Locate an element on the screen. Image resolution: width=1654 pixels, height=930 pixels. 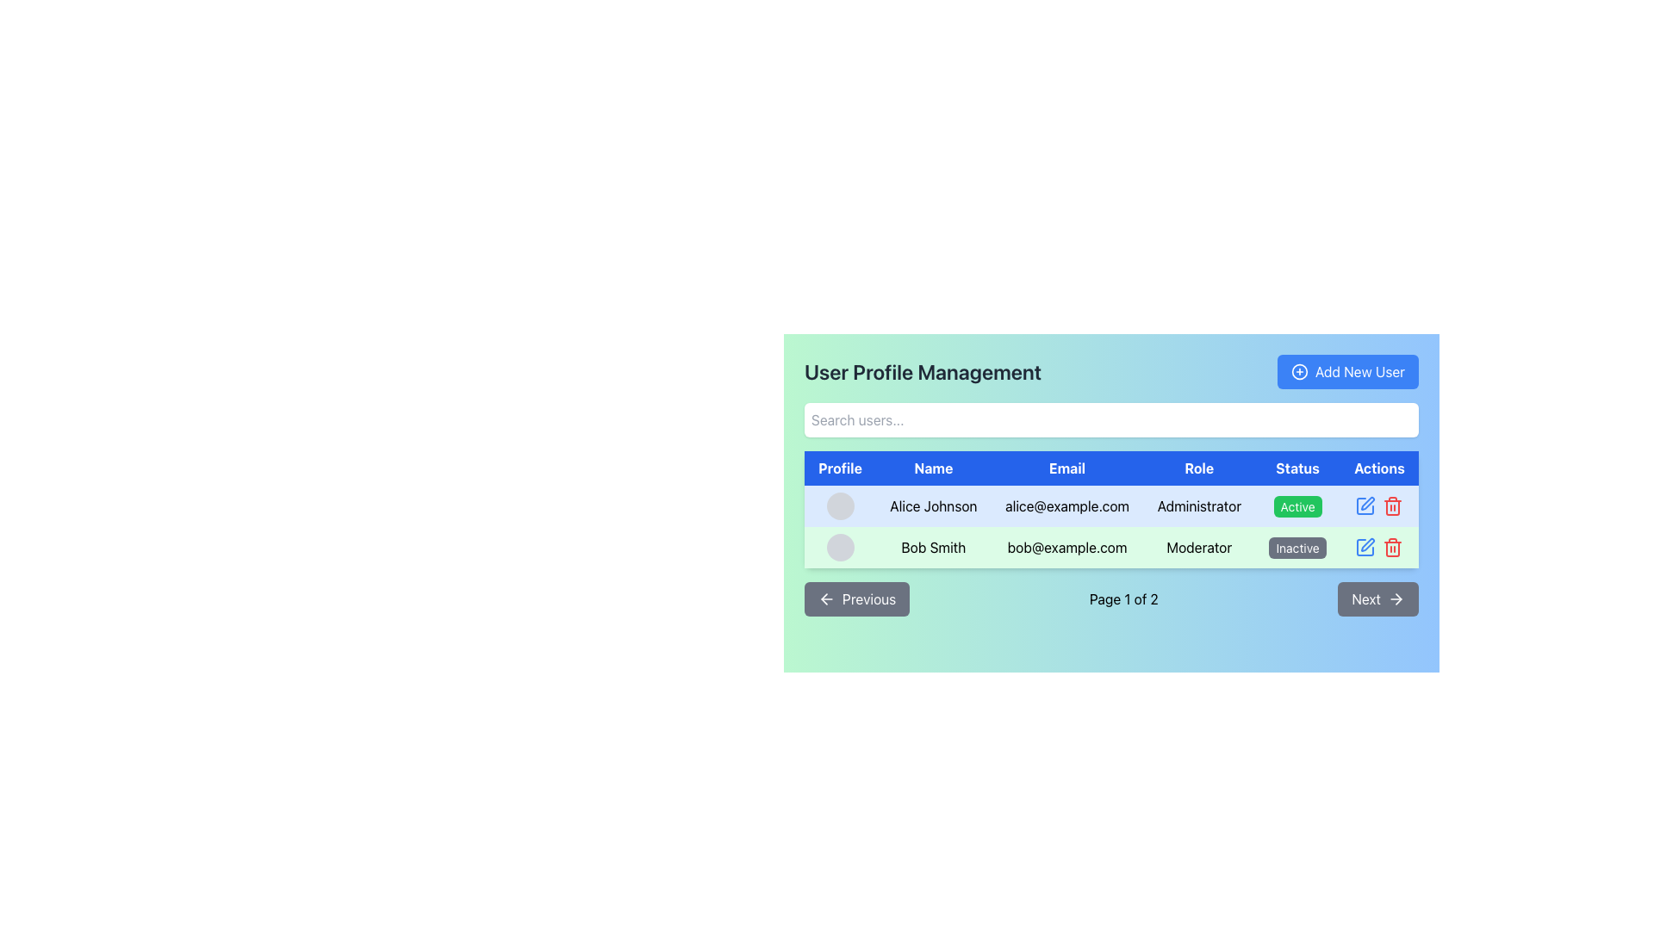
the 'Administrator' text label located in the fourth column of the data table, which corresponds to 'Alice Johnson' is located at coordinates (1198, 505).